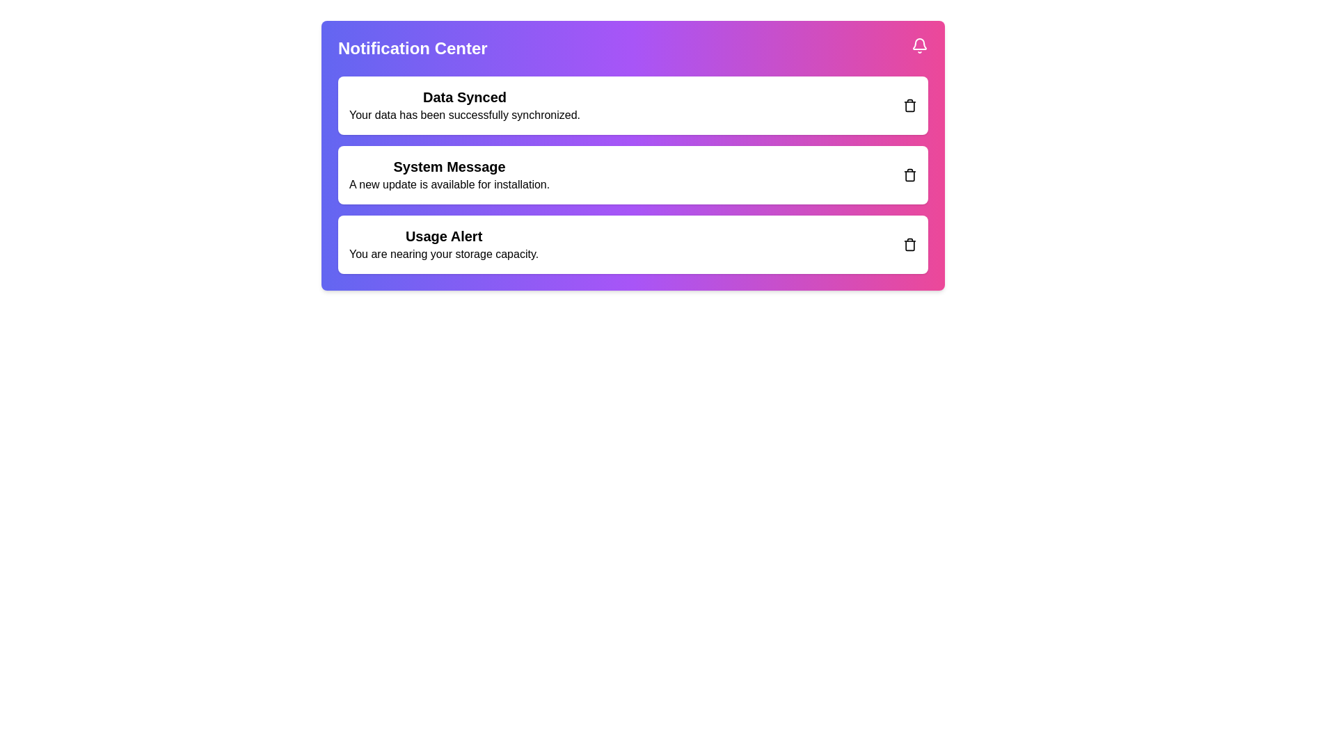 This screenshot has width=1336, height=751. Describe the element at coordinates (919, 45) in the screenshot. I see `the notification bell icon located on the right side of the 'Notification Center' header in the user interface` at that location.